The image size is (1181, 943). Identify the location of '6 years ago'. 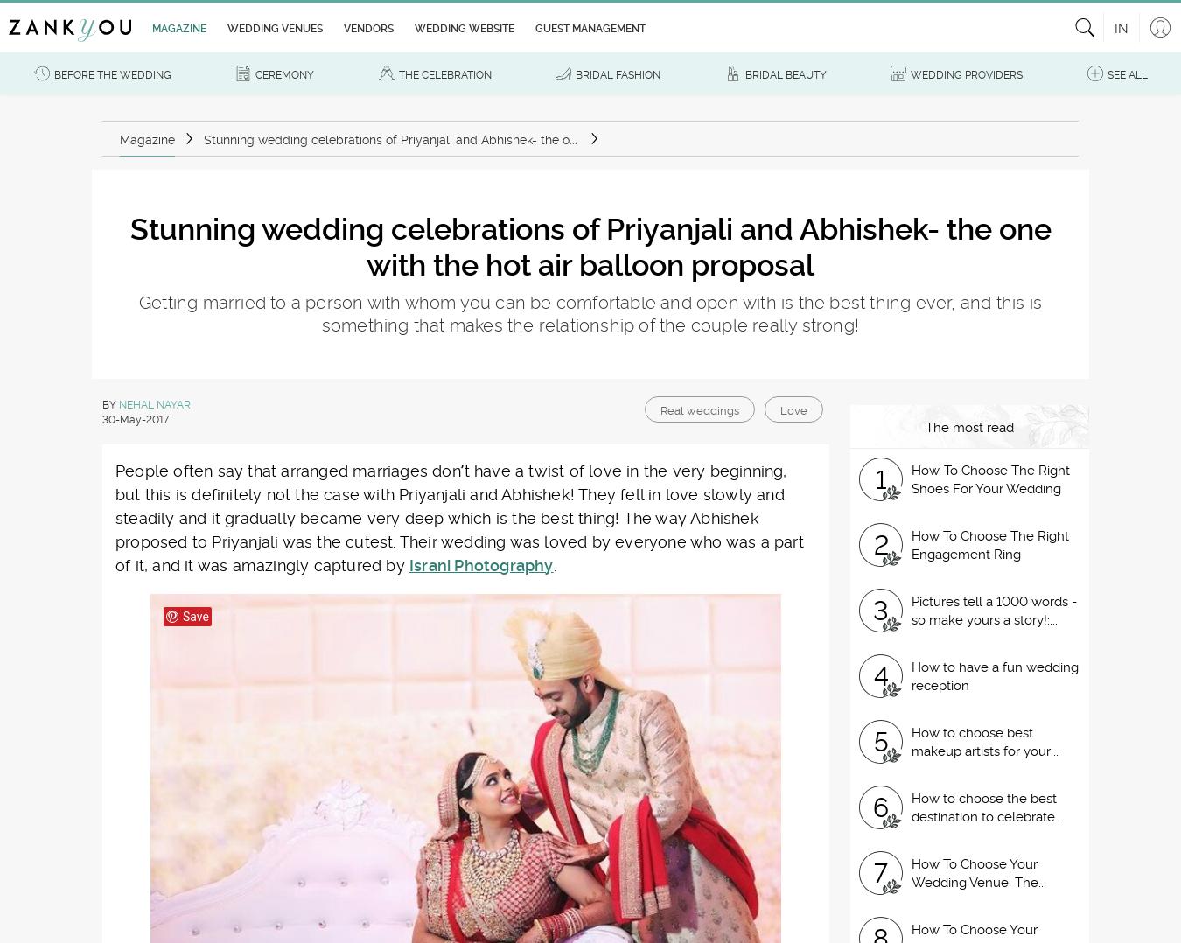
(192, 459).